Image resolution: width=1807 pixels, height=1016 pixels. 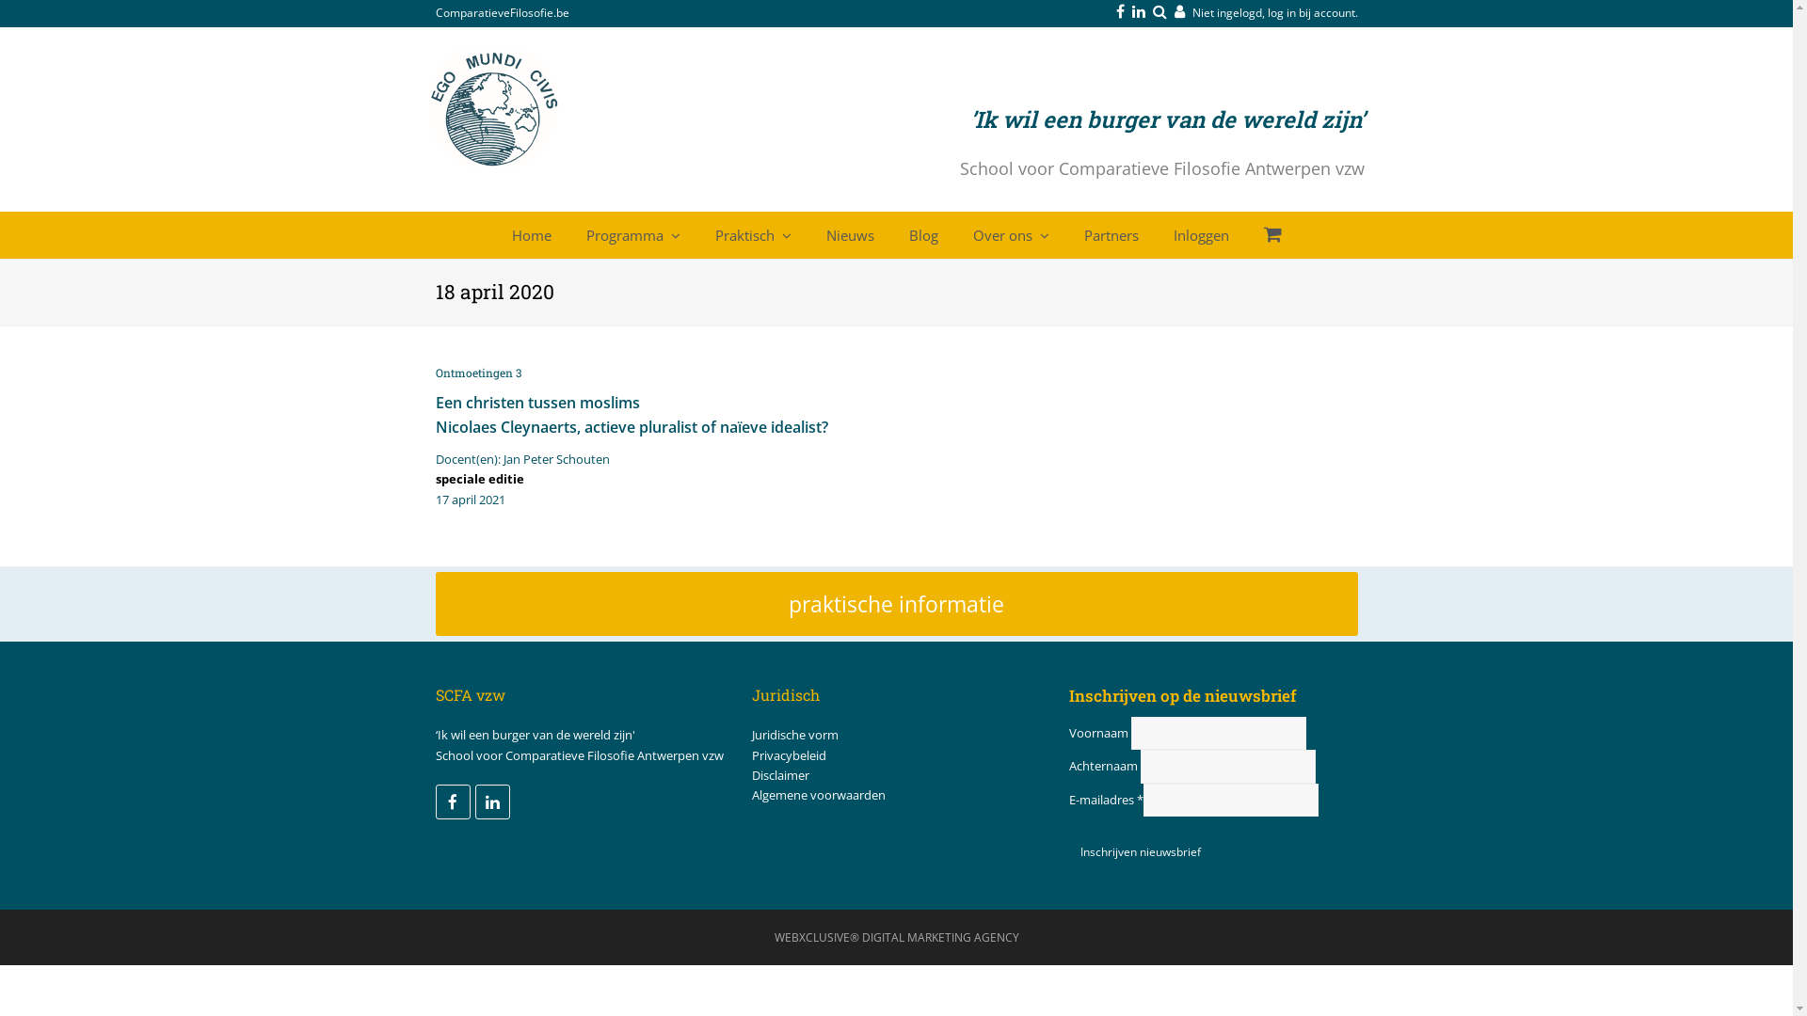 I want to click on 'Over ons', so click(x=1009, y=234).